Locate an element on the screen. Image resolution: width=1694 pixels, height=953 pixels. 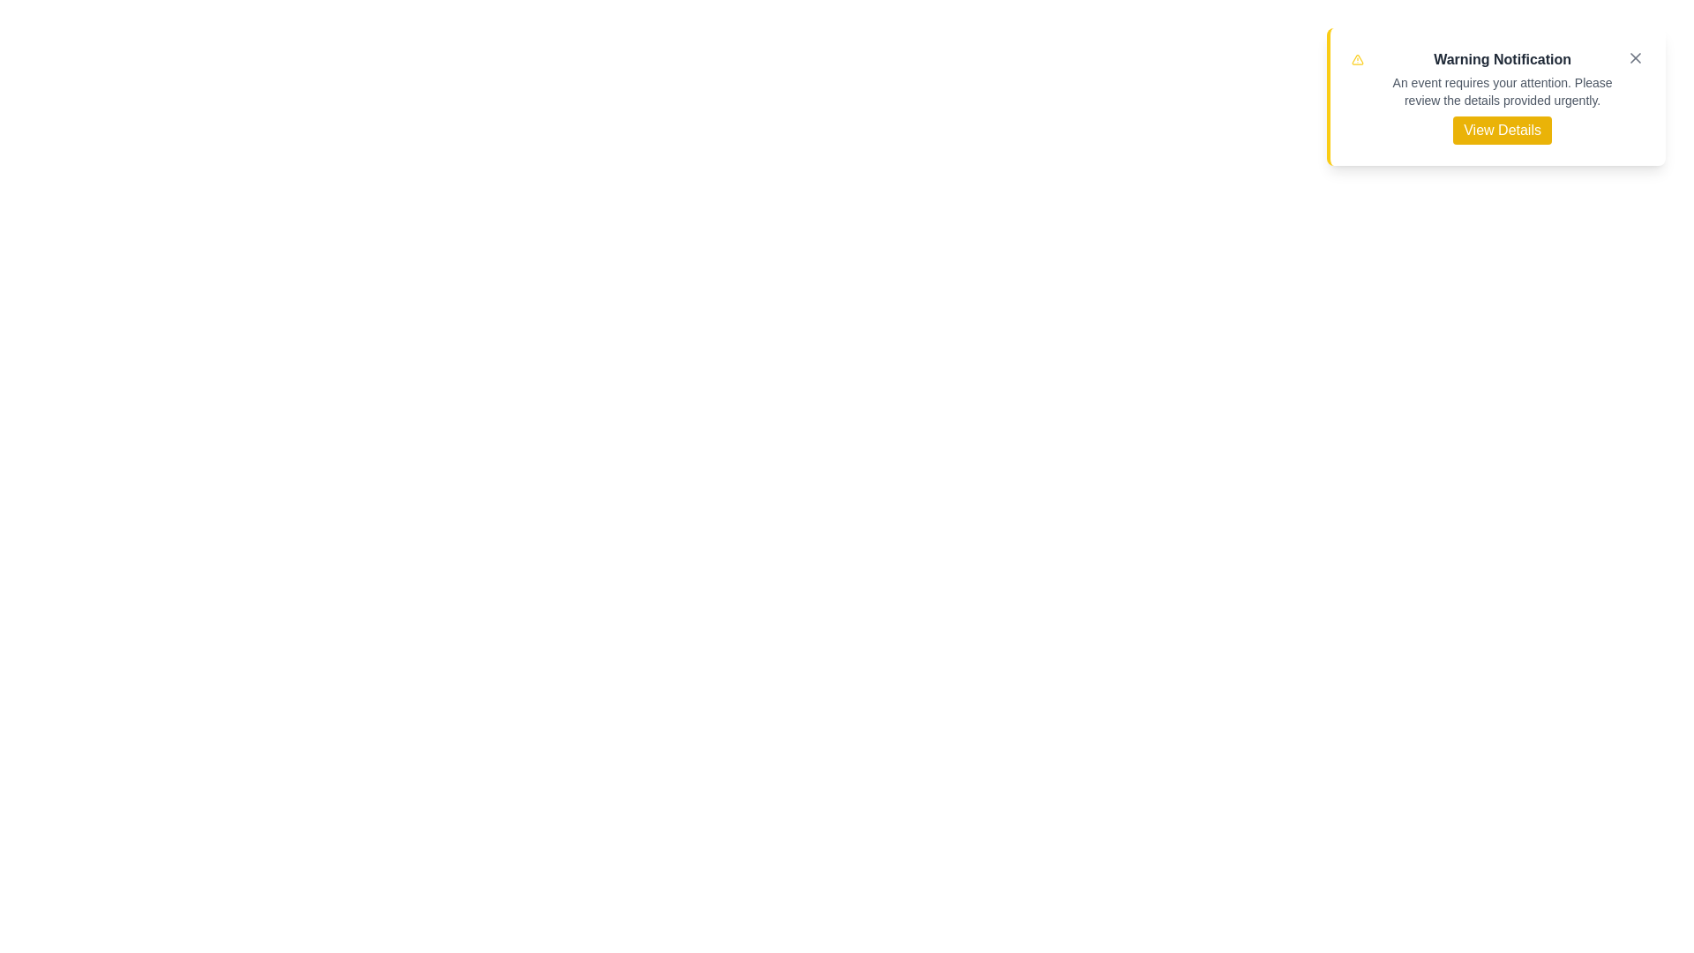
the 'View Details' button to view the notification details is located at coordinates (1502, 129).